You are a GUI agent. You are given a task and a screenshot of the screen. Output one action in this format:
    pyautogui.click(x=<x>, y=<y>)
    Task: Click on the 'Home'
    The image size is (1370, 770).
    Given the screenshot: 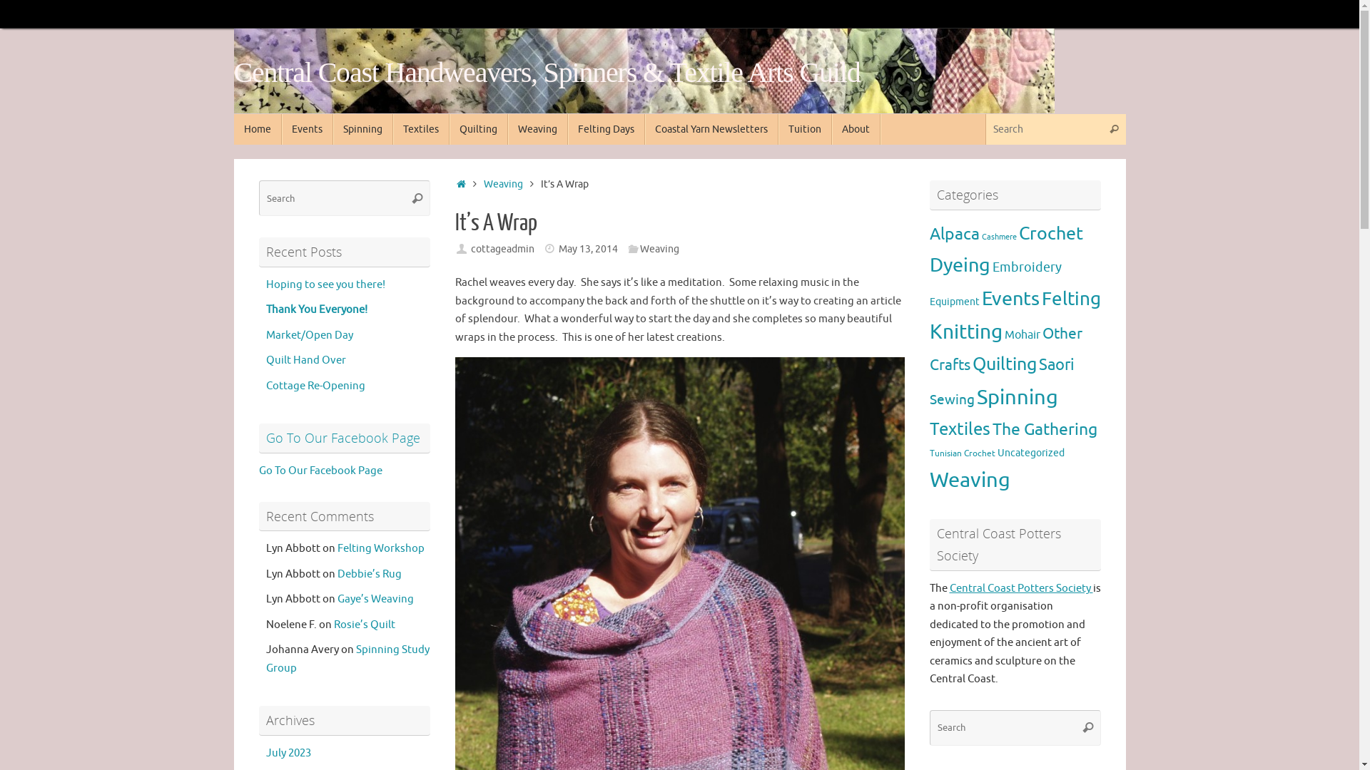 What is the action you would take?
    pyautogui.click(x=233, y=129)
    